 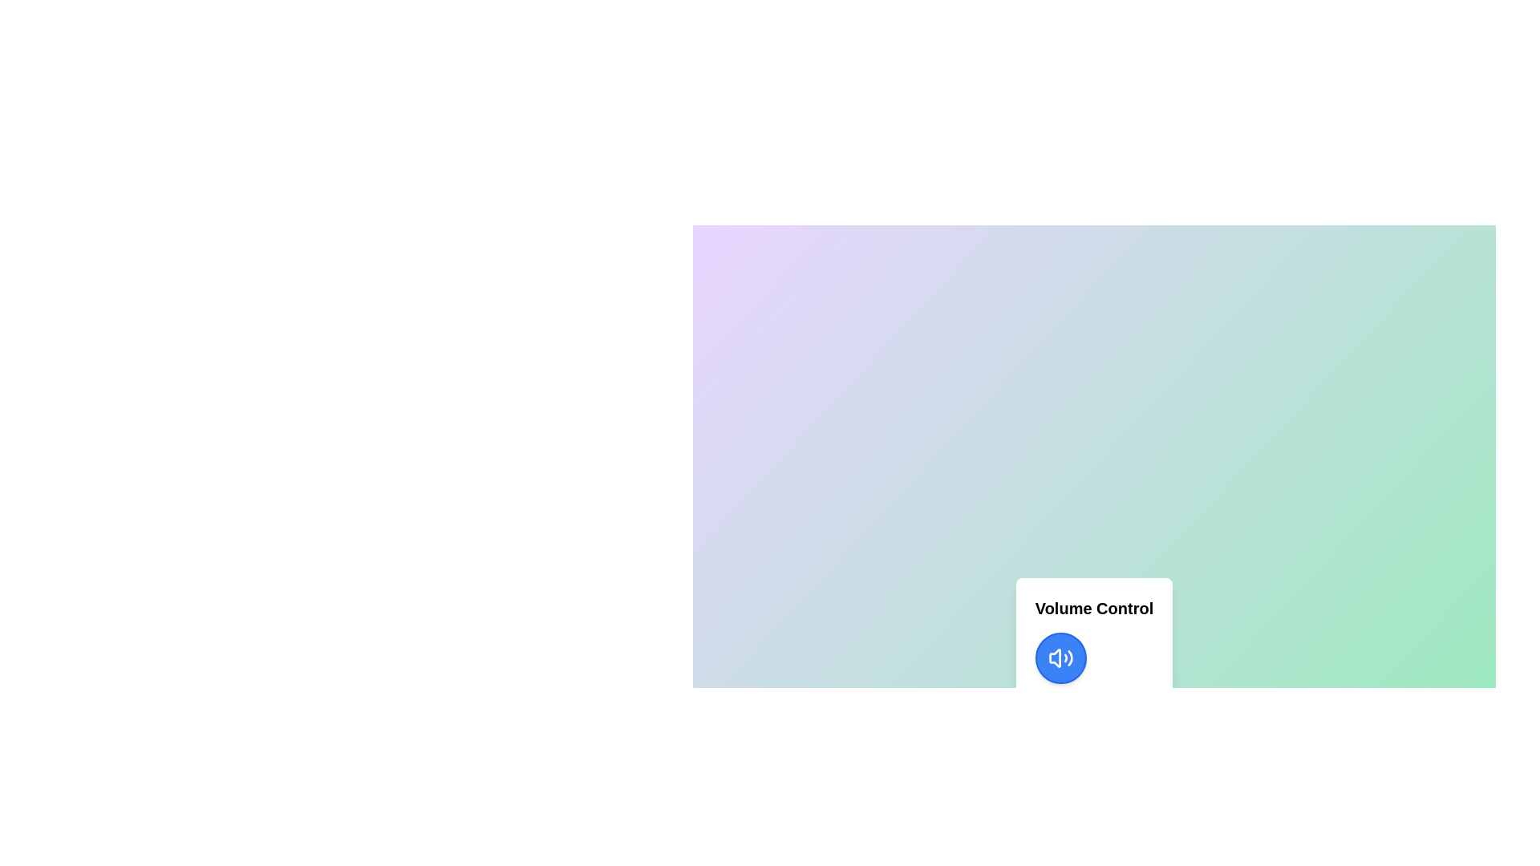 I want to click on the sound toggle button to change its state, so click(x=1060, y=658).